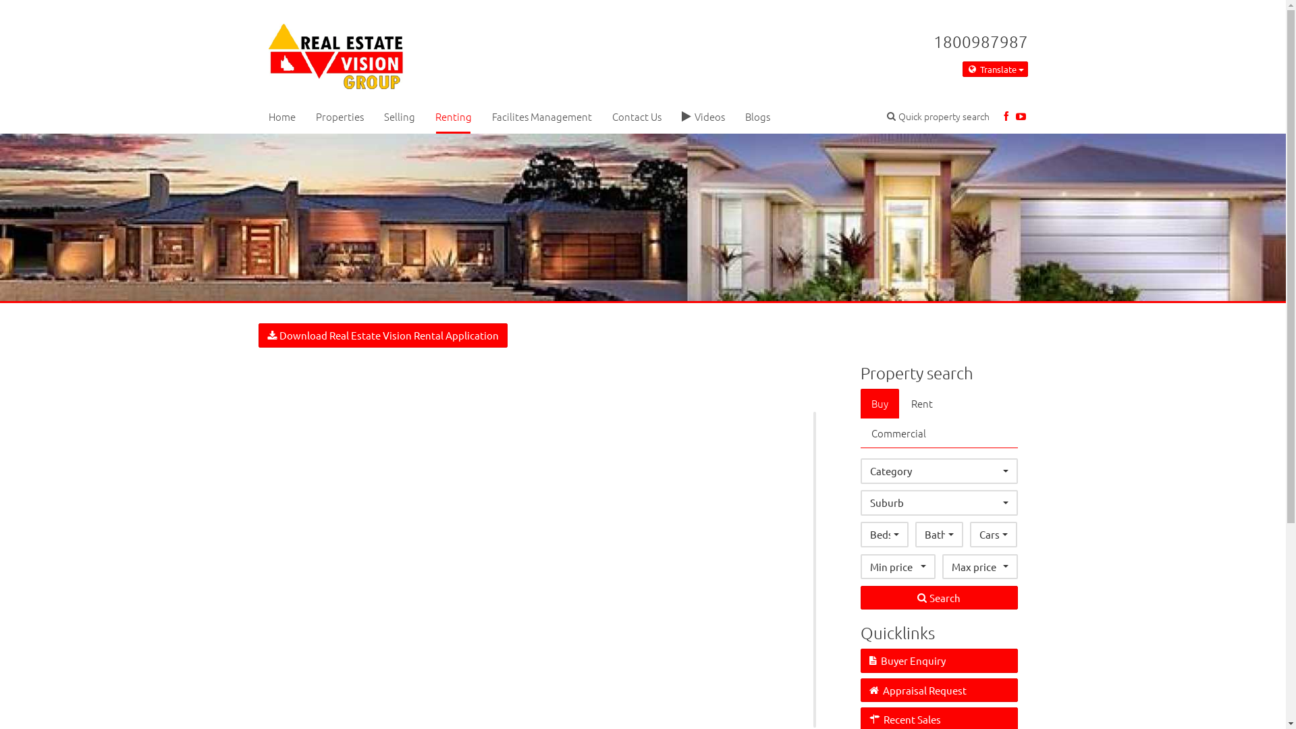 The height and width of the screenshot is (729, 1296). I want to click on 'Beds, so click(884, 533).